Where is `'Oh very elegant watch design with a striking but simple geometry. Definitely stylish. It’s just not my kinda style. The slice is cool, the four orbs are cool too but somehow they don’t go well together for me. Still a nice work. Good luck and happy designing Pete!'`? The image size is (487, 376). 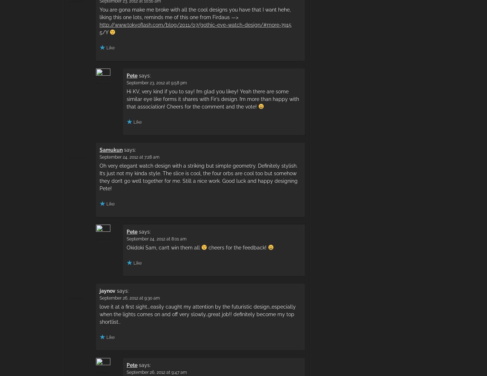 'Oh very elegant watch design with a striking but simple geometry. Definitely stylish. It’s just not my kinda style. The slice is cool, the four orbs are cool too but somehow they don’t go well together for me. Still a nice work. Good luck and happy designing Pete!' is located at coordinates (198, 176).